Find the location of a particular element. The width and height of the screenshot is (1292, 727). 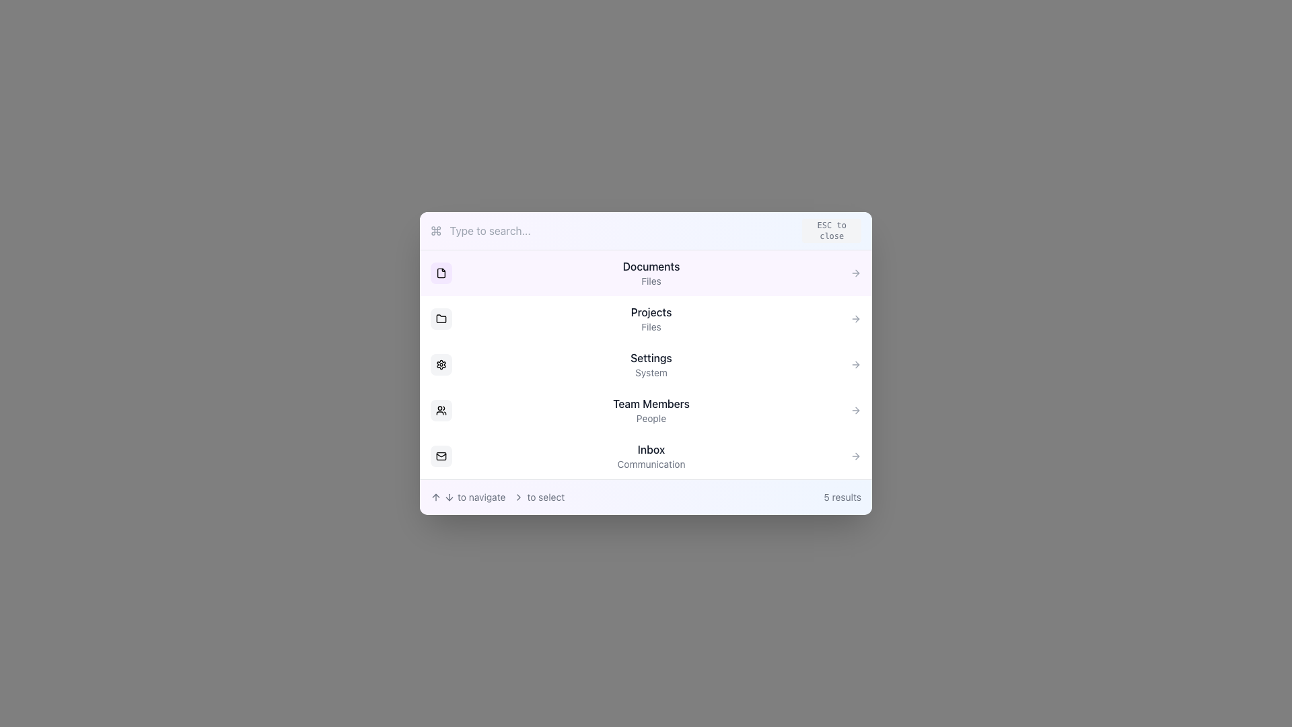

the right-pointing arrow icon located at the far right of the 'Team Members' list item is located at coordinates (855, 409).